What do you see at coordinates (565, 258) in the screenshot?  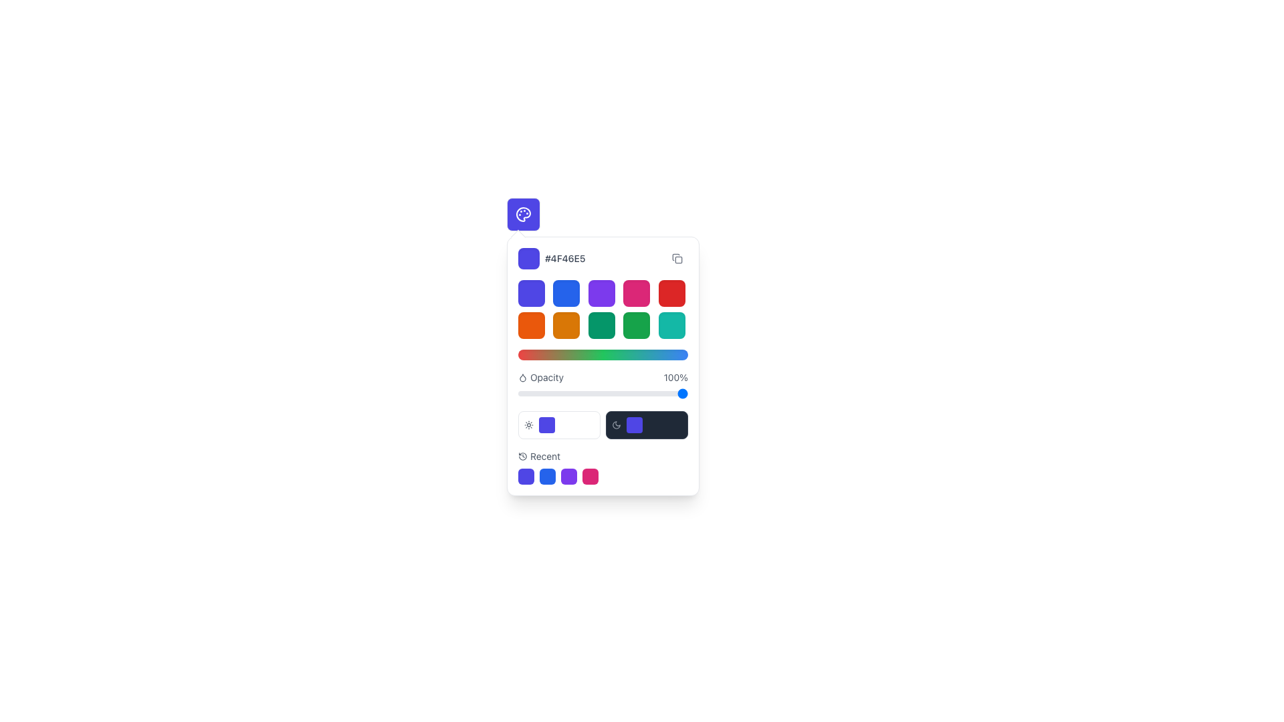 I see `the static text label displaying the hexadecimal color code '#4F46E5' in a medium gray font, located to the right of the square color preview swatch in the color picker interface` at bounding box center [565, 258].